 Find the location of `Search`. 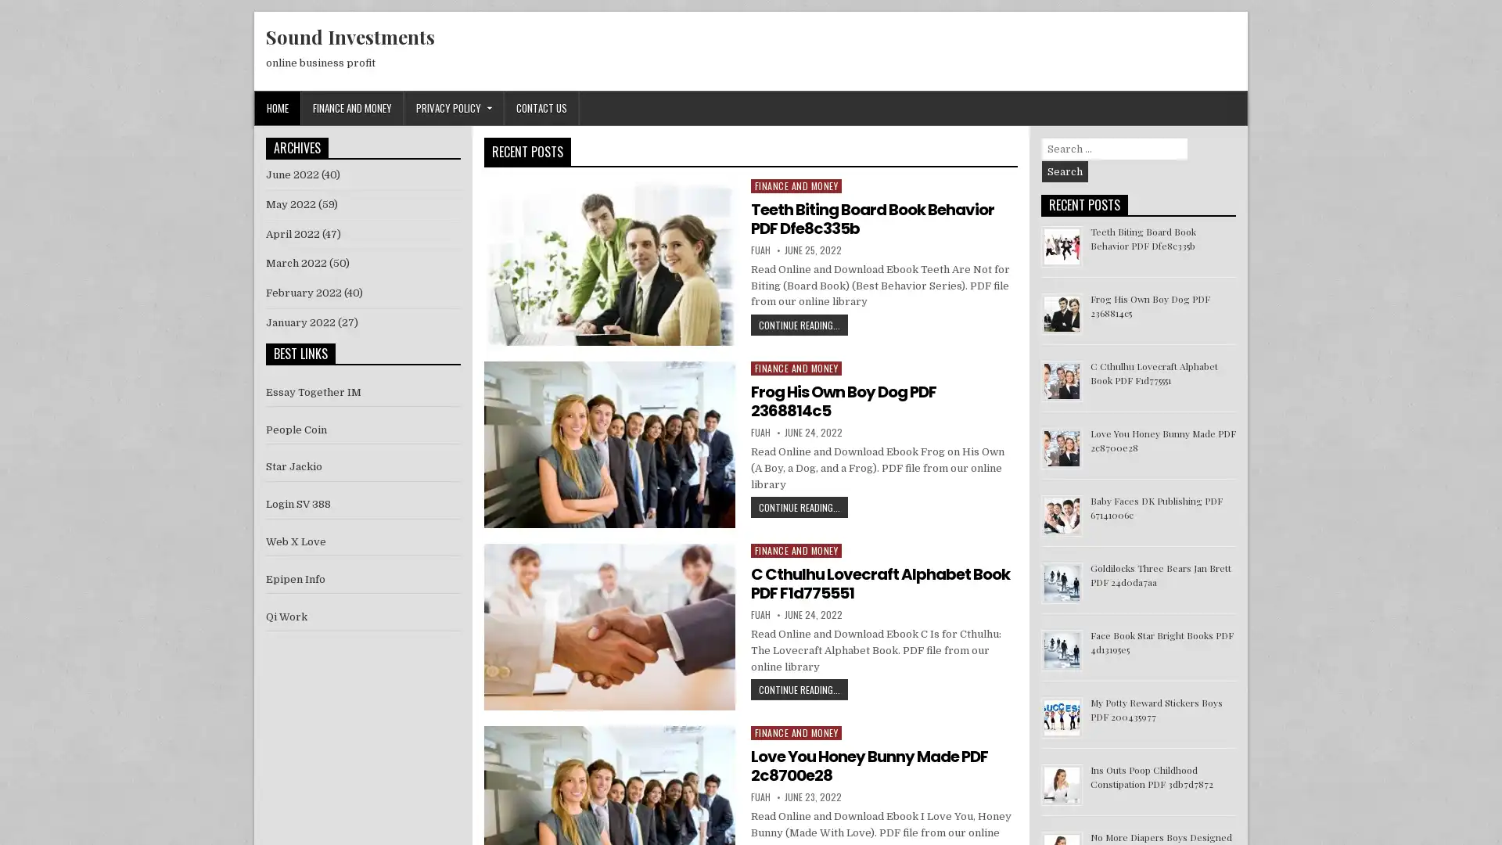

Search is located at coordinates (1064, 171).